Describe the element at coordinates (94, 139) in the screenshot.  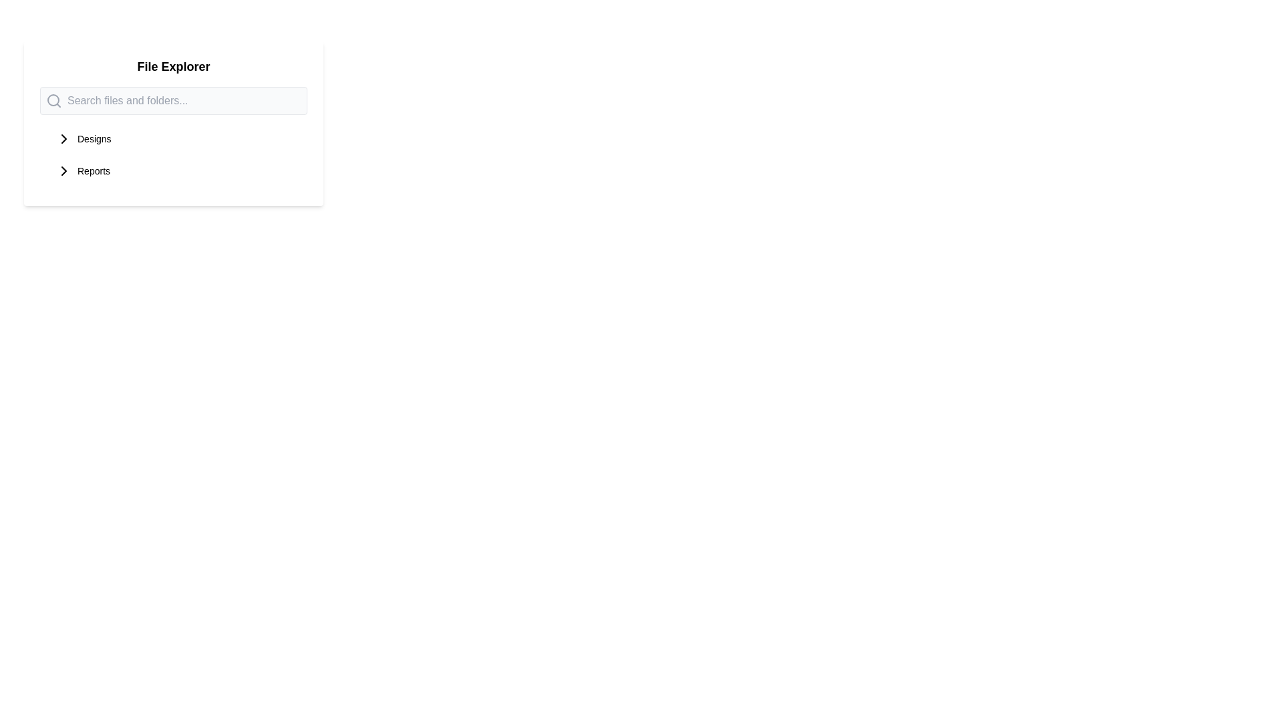
I see `the text element labeled 'Designs'` at that location.